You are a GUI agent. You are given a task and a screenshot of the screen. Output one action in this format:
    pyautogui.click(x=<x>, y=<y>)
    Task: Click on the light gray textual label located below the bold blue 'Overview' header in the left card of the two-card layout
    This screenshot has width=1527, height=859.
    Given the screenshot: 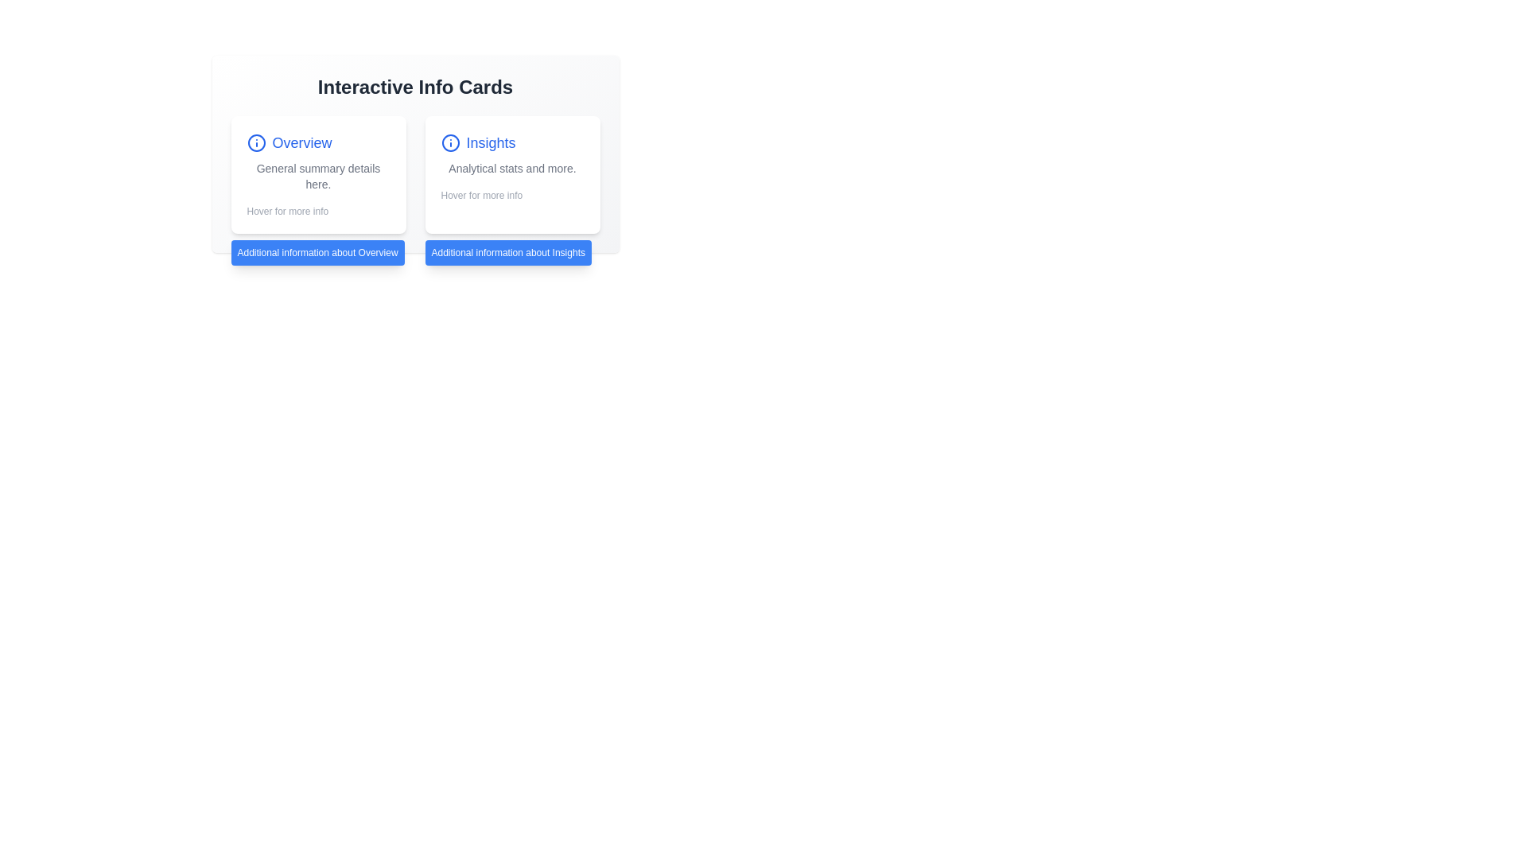 What is the action you would take?
    pyautogui.click(x=318, y=177)
    